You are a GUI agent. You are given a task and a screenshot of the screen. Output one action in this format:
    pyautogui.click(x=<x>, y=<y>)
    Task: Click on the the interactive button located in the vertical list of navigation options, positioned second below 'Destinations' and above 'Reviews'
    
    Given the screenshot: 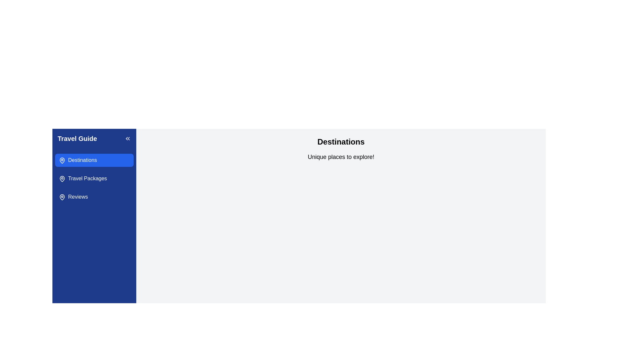 What is the action you would take?
    pyautogui.click(x=94, y=178)
    